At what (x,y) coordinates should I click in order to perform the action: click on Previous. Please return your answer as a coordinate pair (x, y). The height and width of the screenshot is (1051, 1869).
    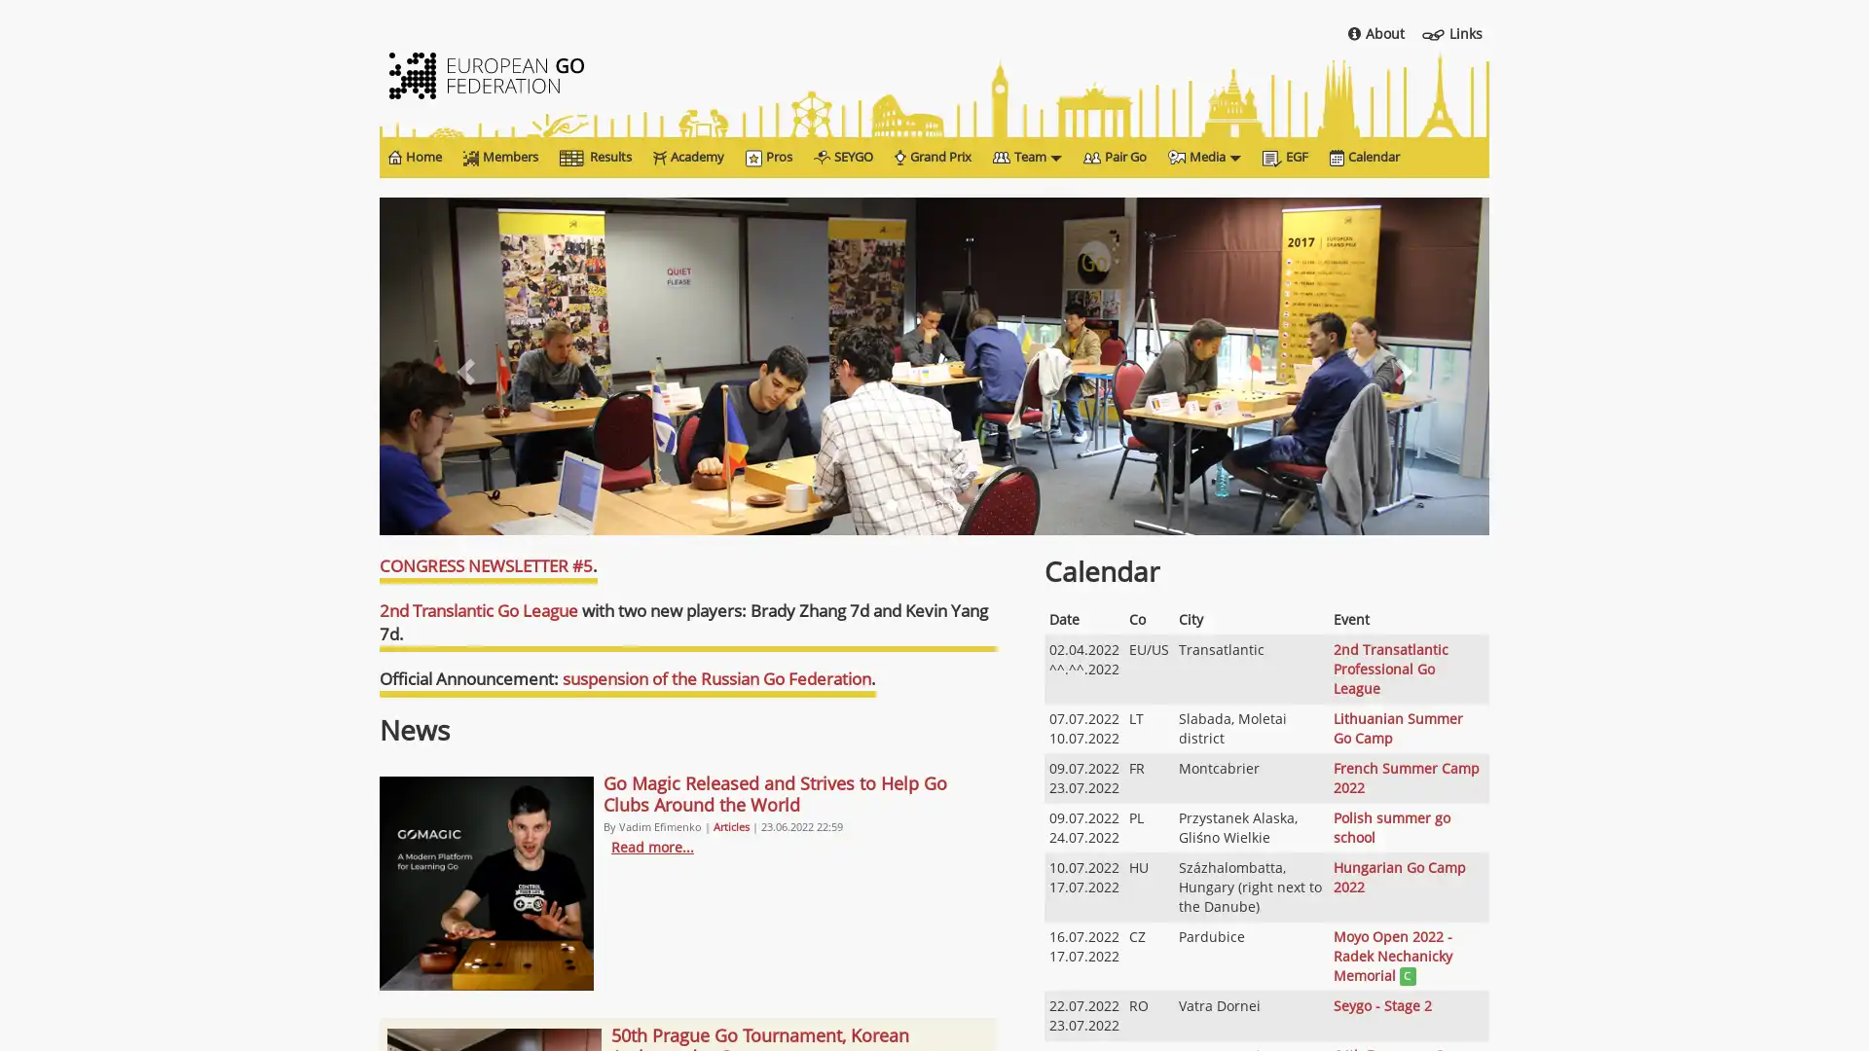
    Looking at the image, I should click on (461, 365).